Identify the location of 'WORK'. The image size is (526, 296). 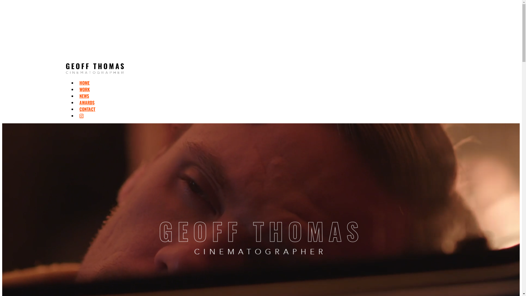
(84, 89).